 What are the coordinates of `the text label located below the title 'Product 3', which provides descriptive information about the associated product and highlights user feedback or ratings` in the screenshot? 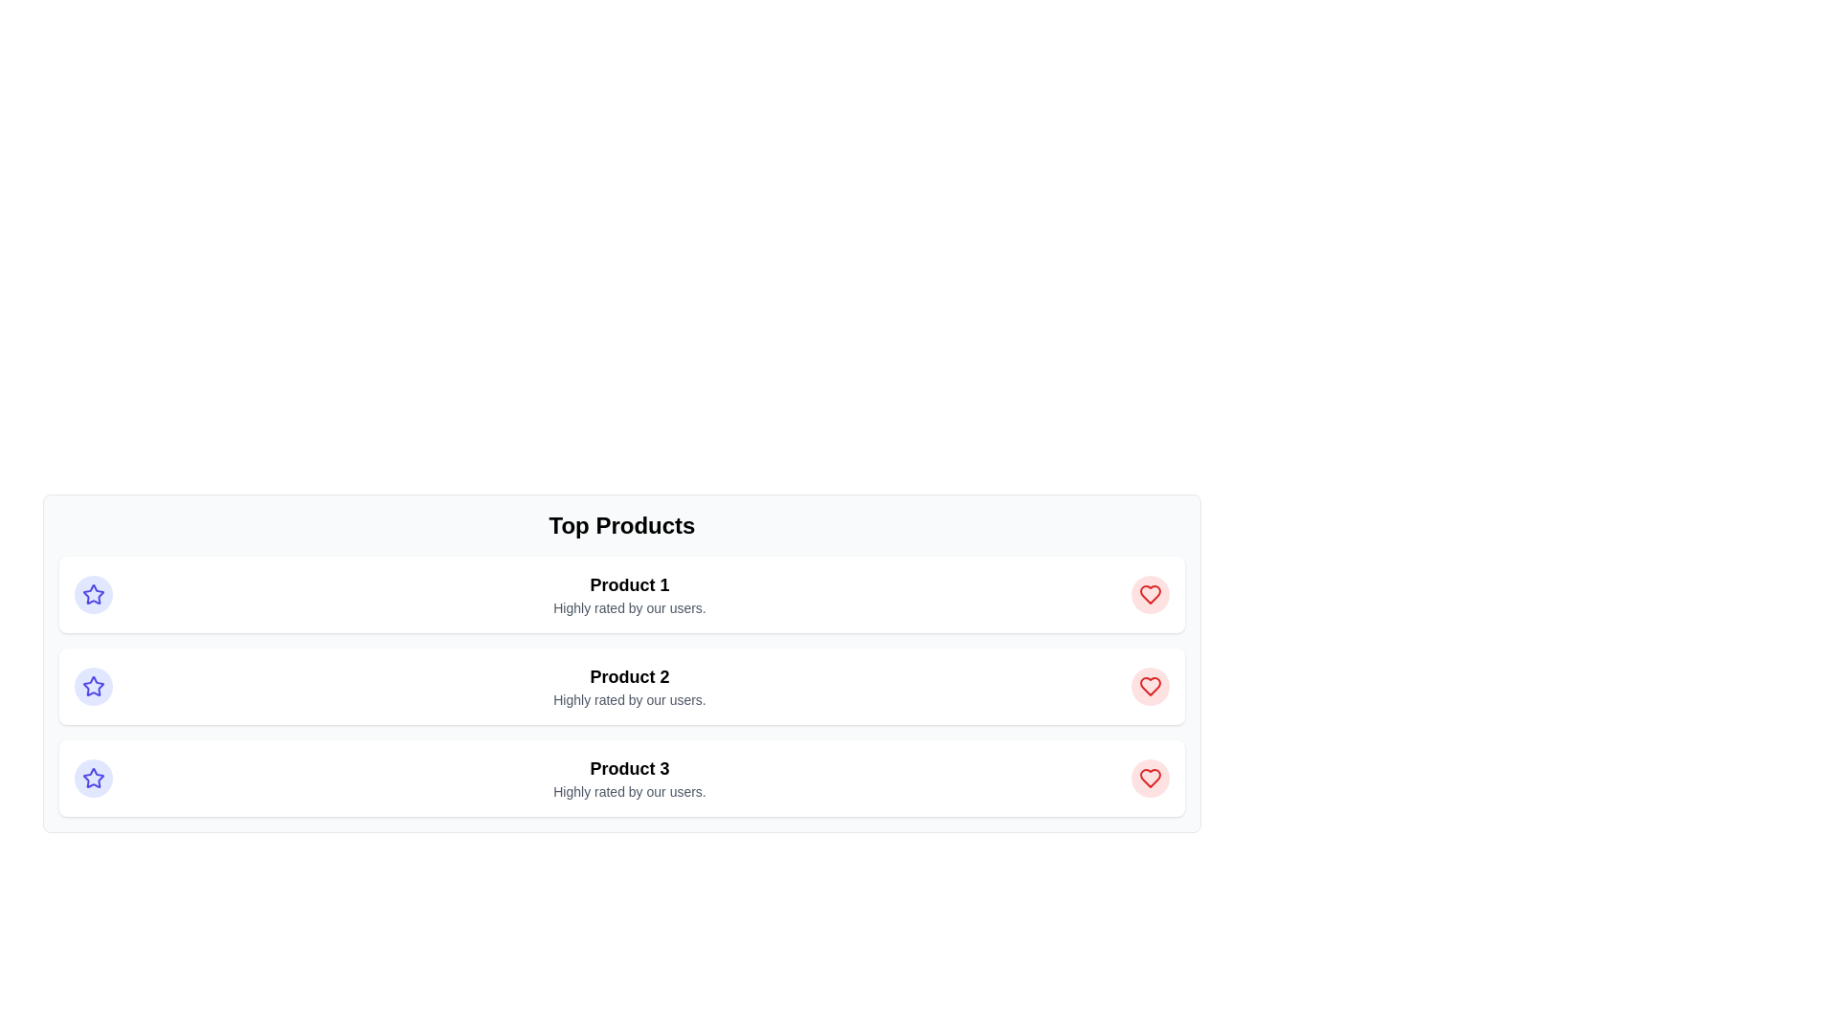 It's located at (629, 792).